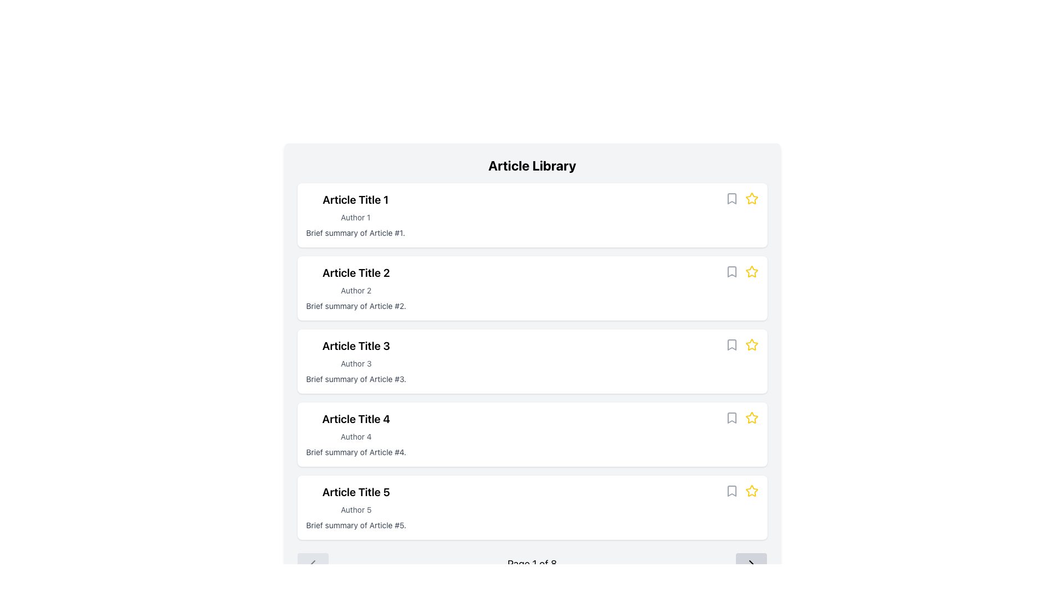  I want to click on the text label displaying 'Author 5', which is styled in a smaller size and gray tone, positioned below 'Article Title 5' and above the summary text 'Brief summary of Article #5', so click(356, 510).